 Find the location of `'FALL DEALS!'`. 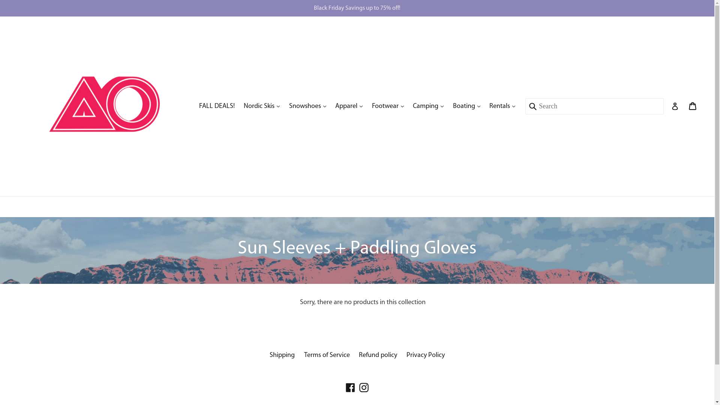

'FALL DEALS!' is located at coordinates (216, 106).